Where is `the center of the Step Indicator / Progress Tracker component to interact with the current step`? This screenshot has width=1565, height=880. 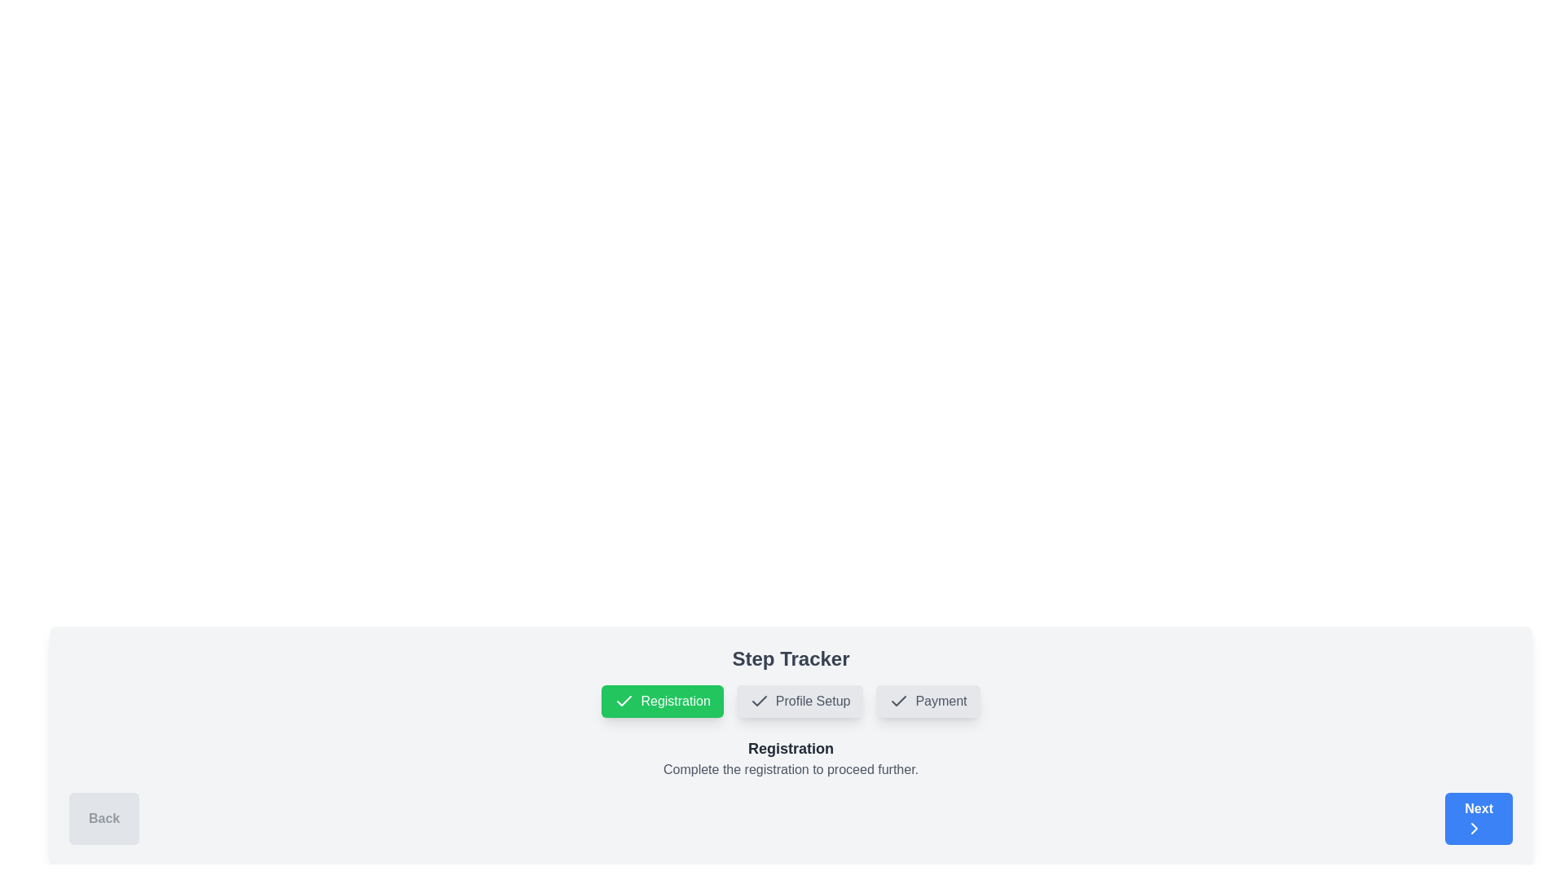 the center of the Step Indicator / Progress Tracker component to interact with the current step is located at coordinates (791, 700).